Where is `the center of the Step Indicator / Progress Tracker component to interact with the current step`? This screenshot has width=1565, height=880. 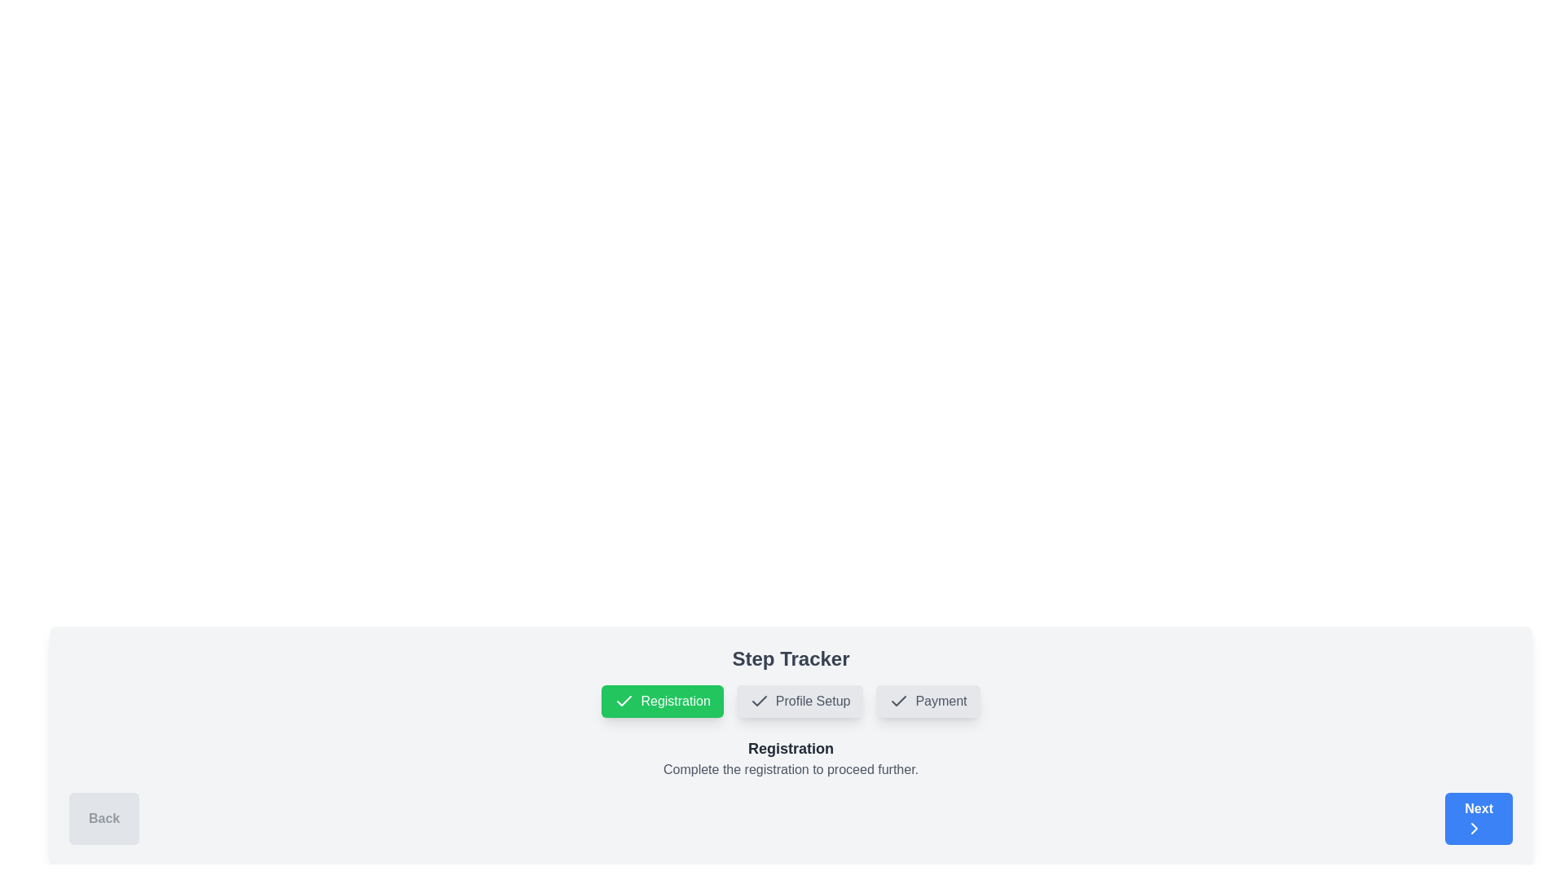 the center of the Step Indicator / Progress Tracker component to interact with the current step is located at coordinates (791, 700).